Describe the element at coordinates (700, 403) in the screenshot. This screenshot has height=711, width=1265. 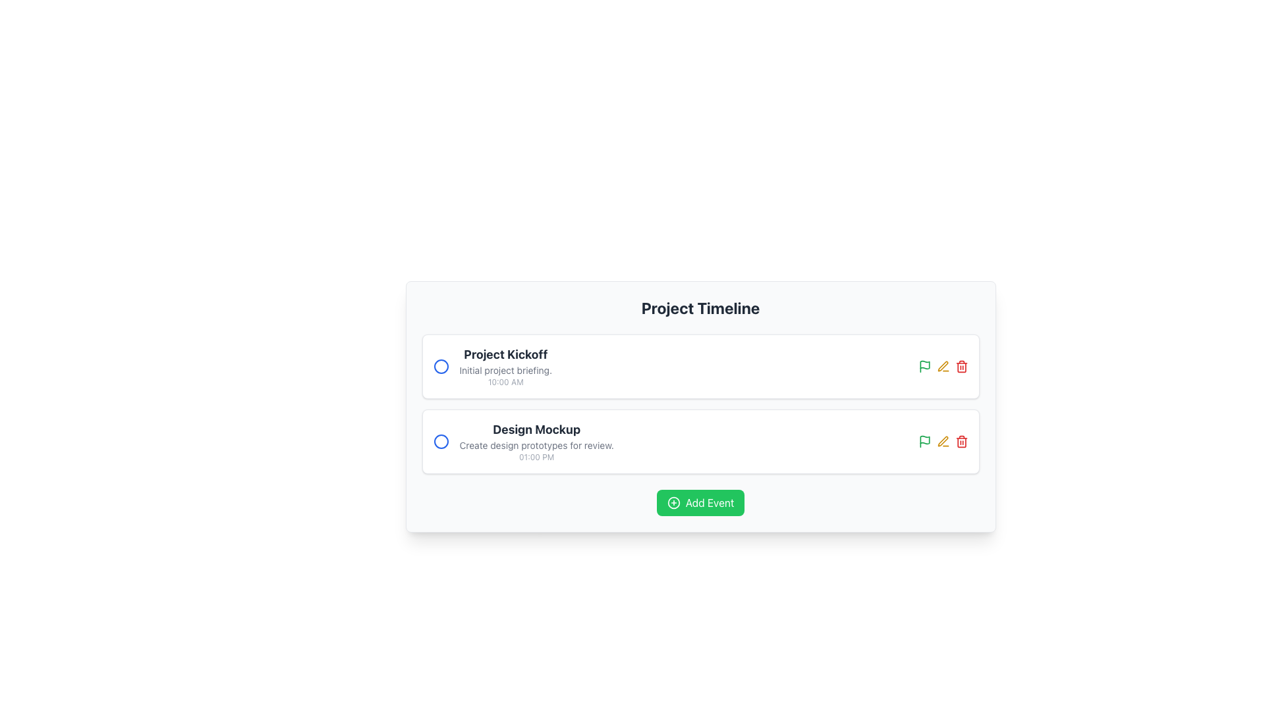
I see `the Grouped List Component containing the event cards for 'Project Kickoff' and 'Design Mockup'` at that location.